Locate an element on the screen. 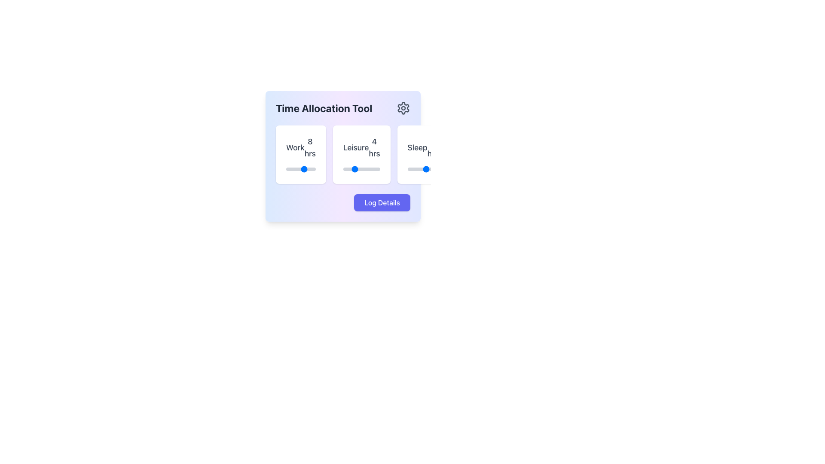 The height and width of the screenshot is (464, 825). the text element displaying 'Sleep', which is a medium-sized, bold, gray header positioned to the left of '8 hrs' within a card-like structure is located at coordinates (417, 147).